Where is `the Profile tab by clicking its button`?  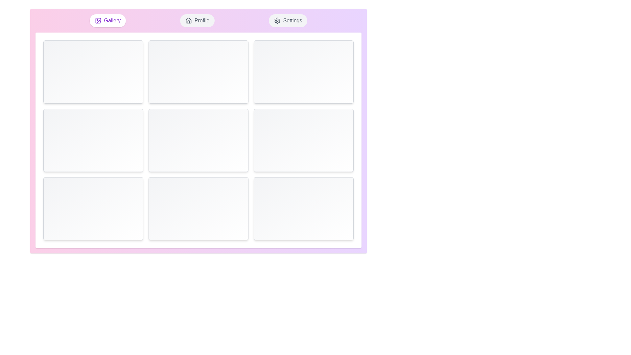
the Profile tab by clicking its button is located at coordinates (197, 20).